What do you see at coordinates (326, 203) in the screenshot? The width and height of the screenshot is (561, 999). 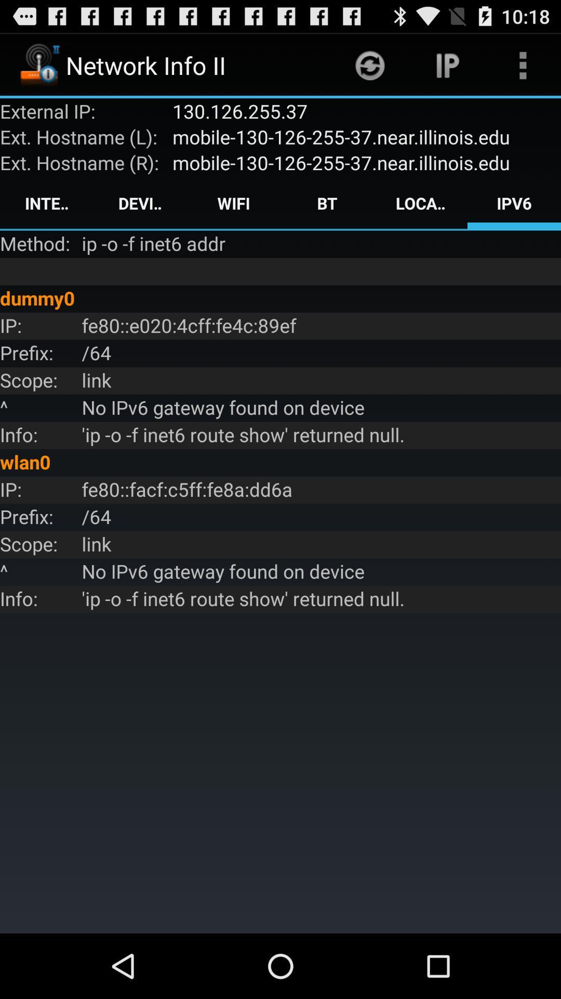 I see `the bt icon` at bounding box center [326, 203].